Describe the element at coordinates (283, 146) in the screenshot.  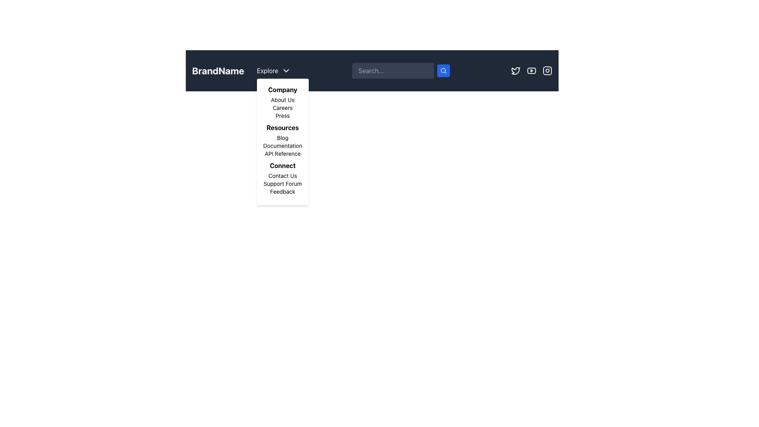
I see `the 'Documentation' text label in the vertical list menu under the 'Resources' heading` at that location.